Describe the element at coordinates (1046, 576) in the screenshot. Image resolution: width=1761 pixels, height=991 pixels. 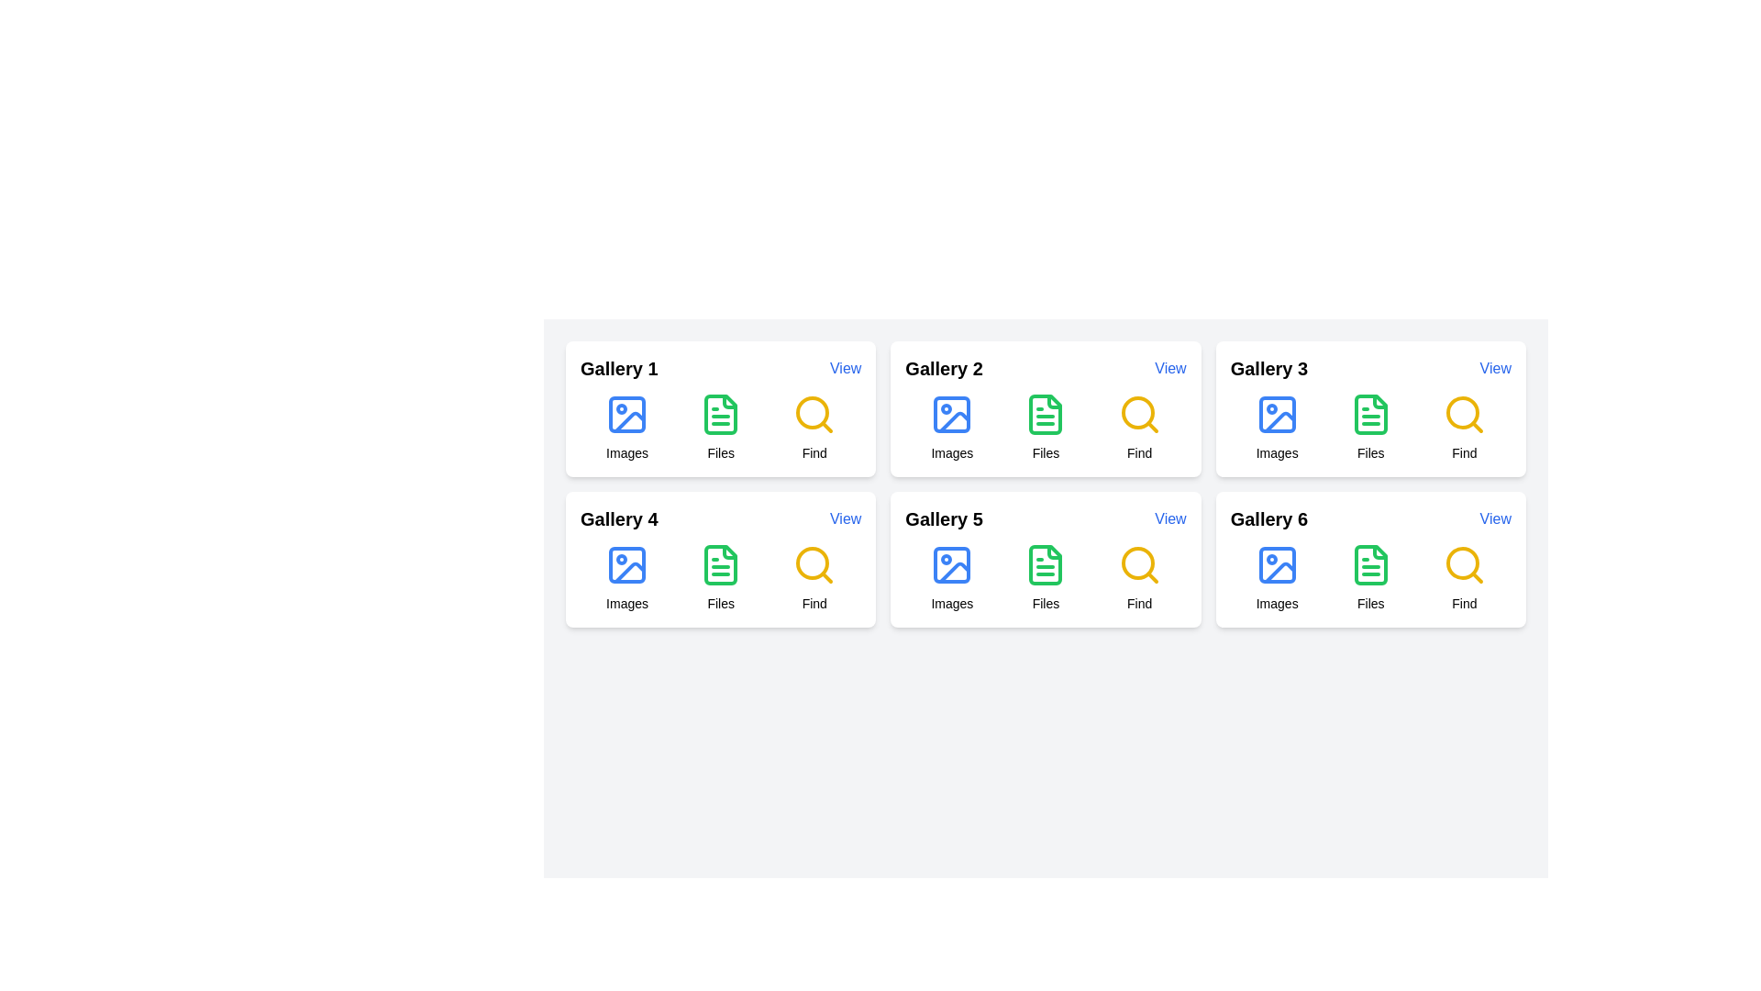
I see `the 'Files' navigation icon, which is the second item in a horizontal group of options including 'Images' and 'Find'` at that location.